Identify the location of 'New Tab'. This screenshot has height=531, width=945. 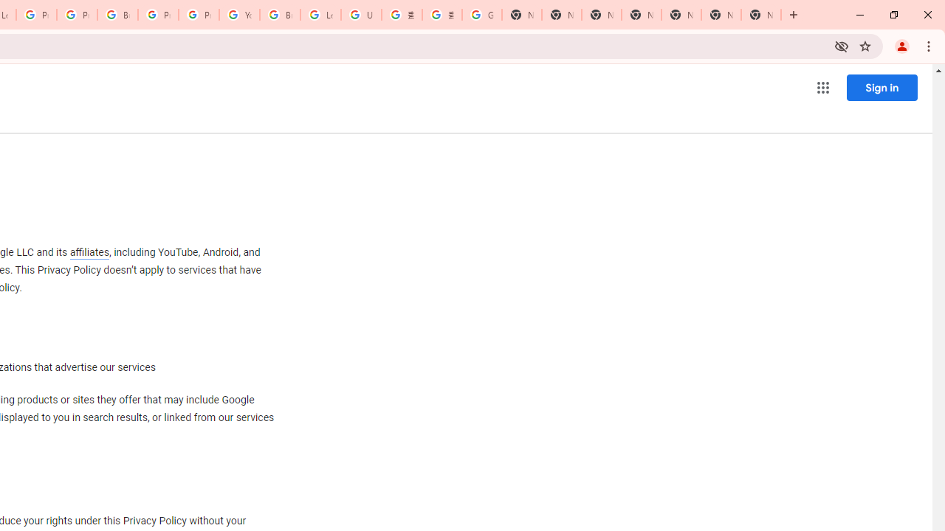
(761, 15).